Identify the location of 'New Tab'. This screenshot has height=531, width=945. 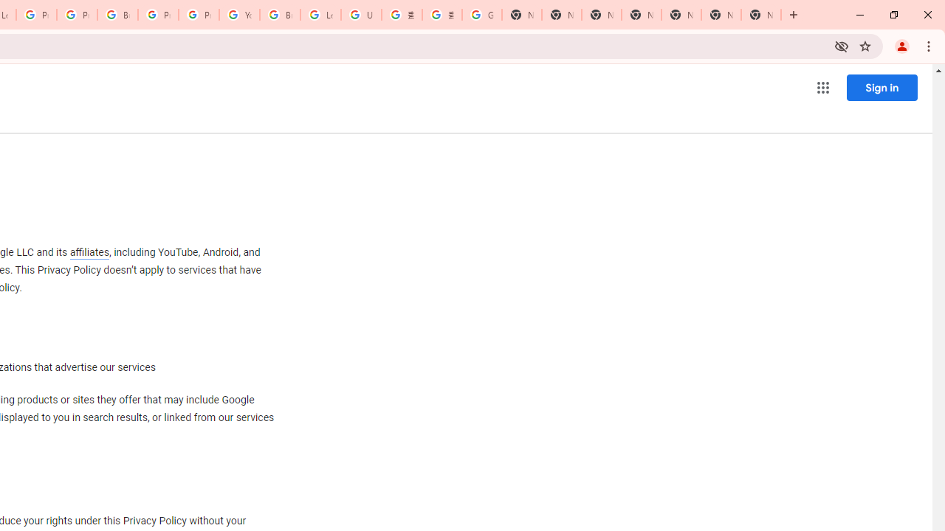
(761, 15).